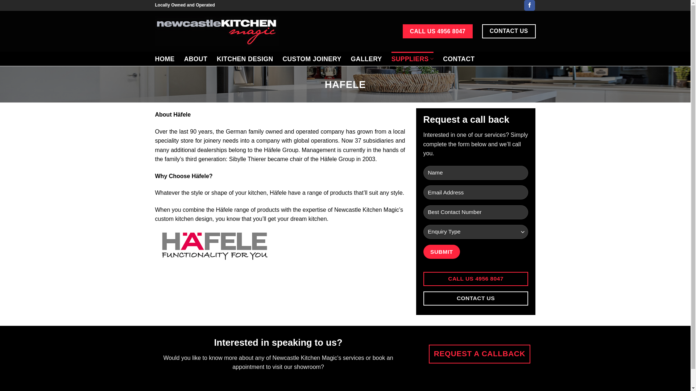 Image resolution: width=696 pixels, height=391 pixels. What do you see at coordinates (458, 58) in the screenshot?
I see `'CONTACT'` at bounding box center [458, 58].